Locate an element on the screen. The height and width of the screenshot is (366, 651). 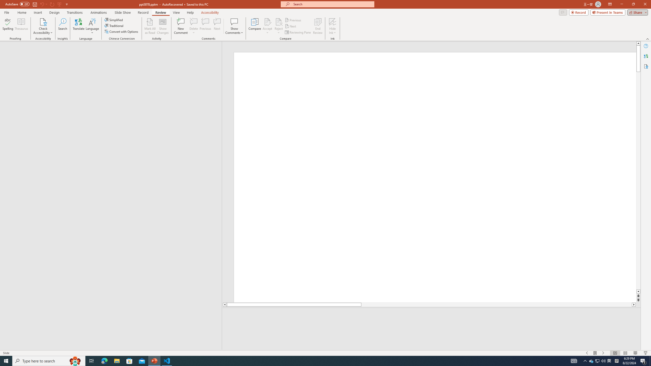
'Spelling...' is located at coordinates (7, 26).